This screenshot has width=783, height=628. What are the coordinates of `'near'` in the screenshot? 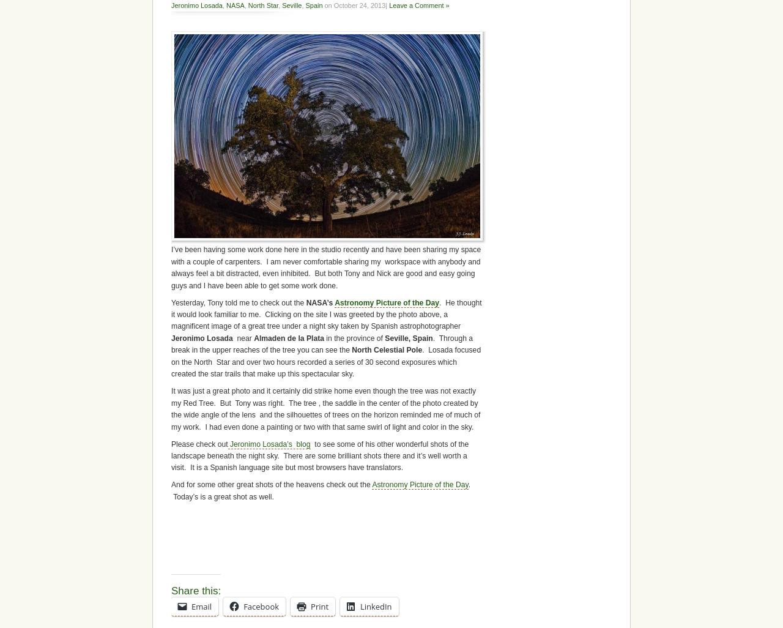 It's located at (243, 337).